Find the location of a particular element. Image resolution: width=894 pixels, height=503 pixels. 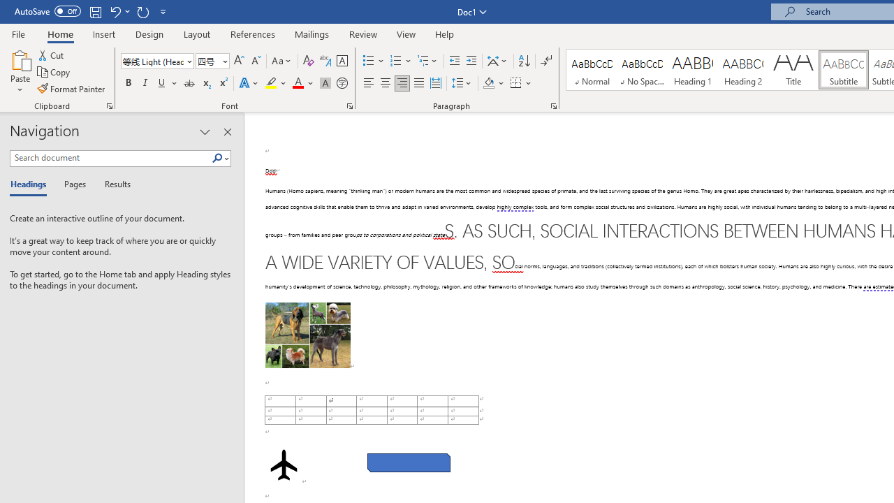

'Shading RGB(0, 0, 0)' is located at coordinates (488, 83).